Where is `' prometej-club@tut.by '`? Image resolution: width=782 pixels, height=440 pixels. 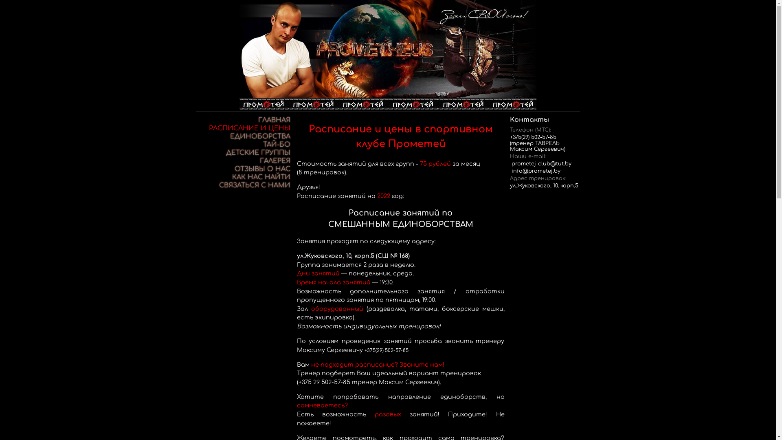
' prometej-club@tut.by ' is located at coordinates (541, 163).